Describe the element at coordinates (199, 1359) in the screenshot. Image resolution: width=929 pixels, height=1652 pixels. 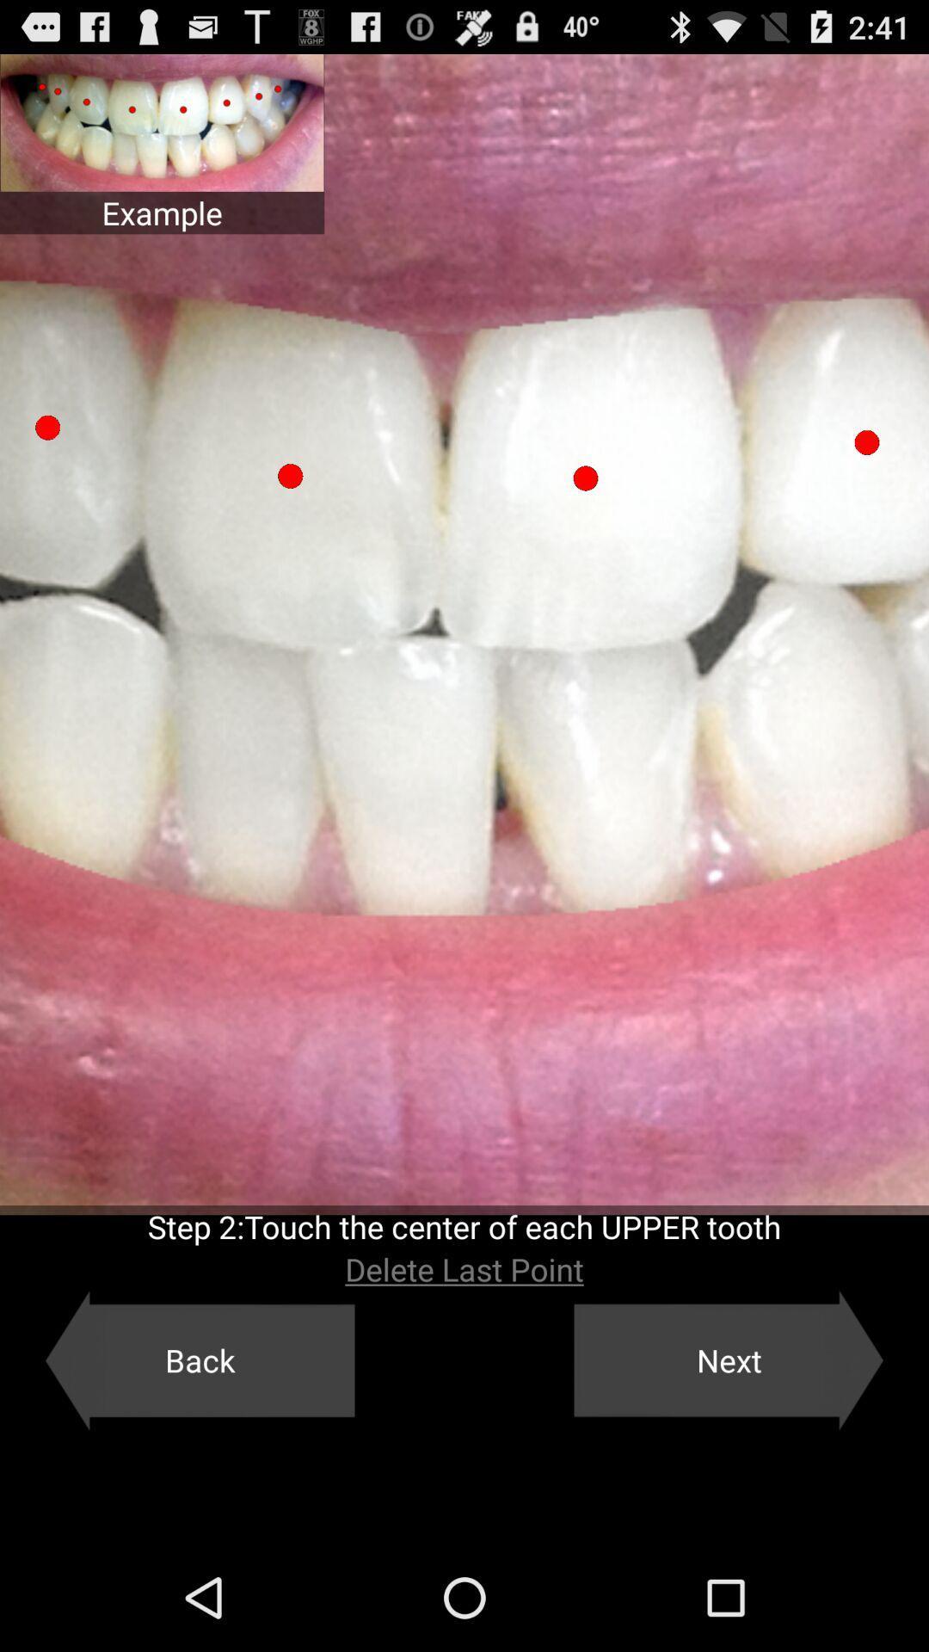
I see `the back icon` at that location.